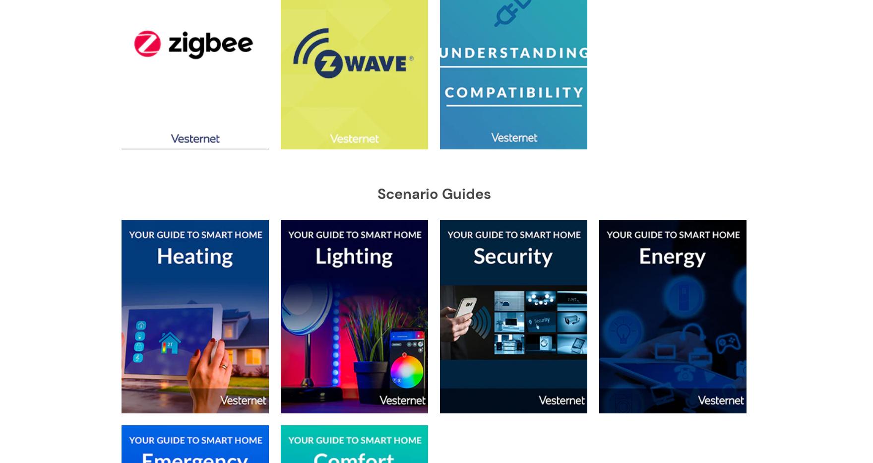 Image resolution: width=873 pixels, height=463 pixels. Describe the element at coordinates (374, 253) in the screenshot. I see `'Remotec'` at that location.